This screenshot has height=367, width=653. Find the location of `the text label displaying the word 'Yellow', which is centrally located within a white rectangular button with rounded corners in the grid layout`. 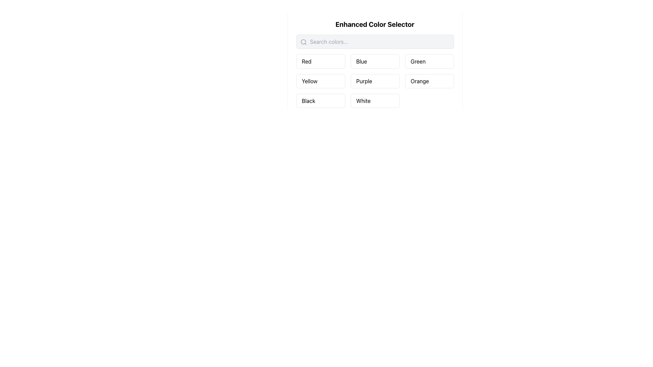

the text label displaying the word 'Yellow', which is centrally located within a white rectangular button with rounded corners in the grid layout is located at coordinates (309, 81).